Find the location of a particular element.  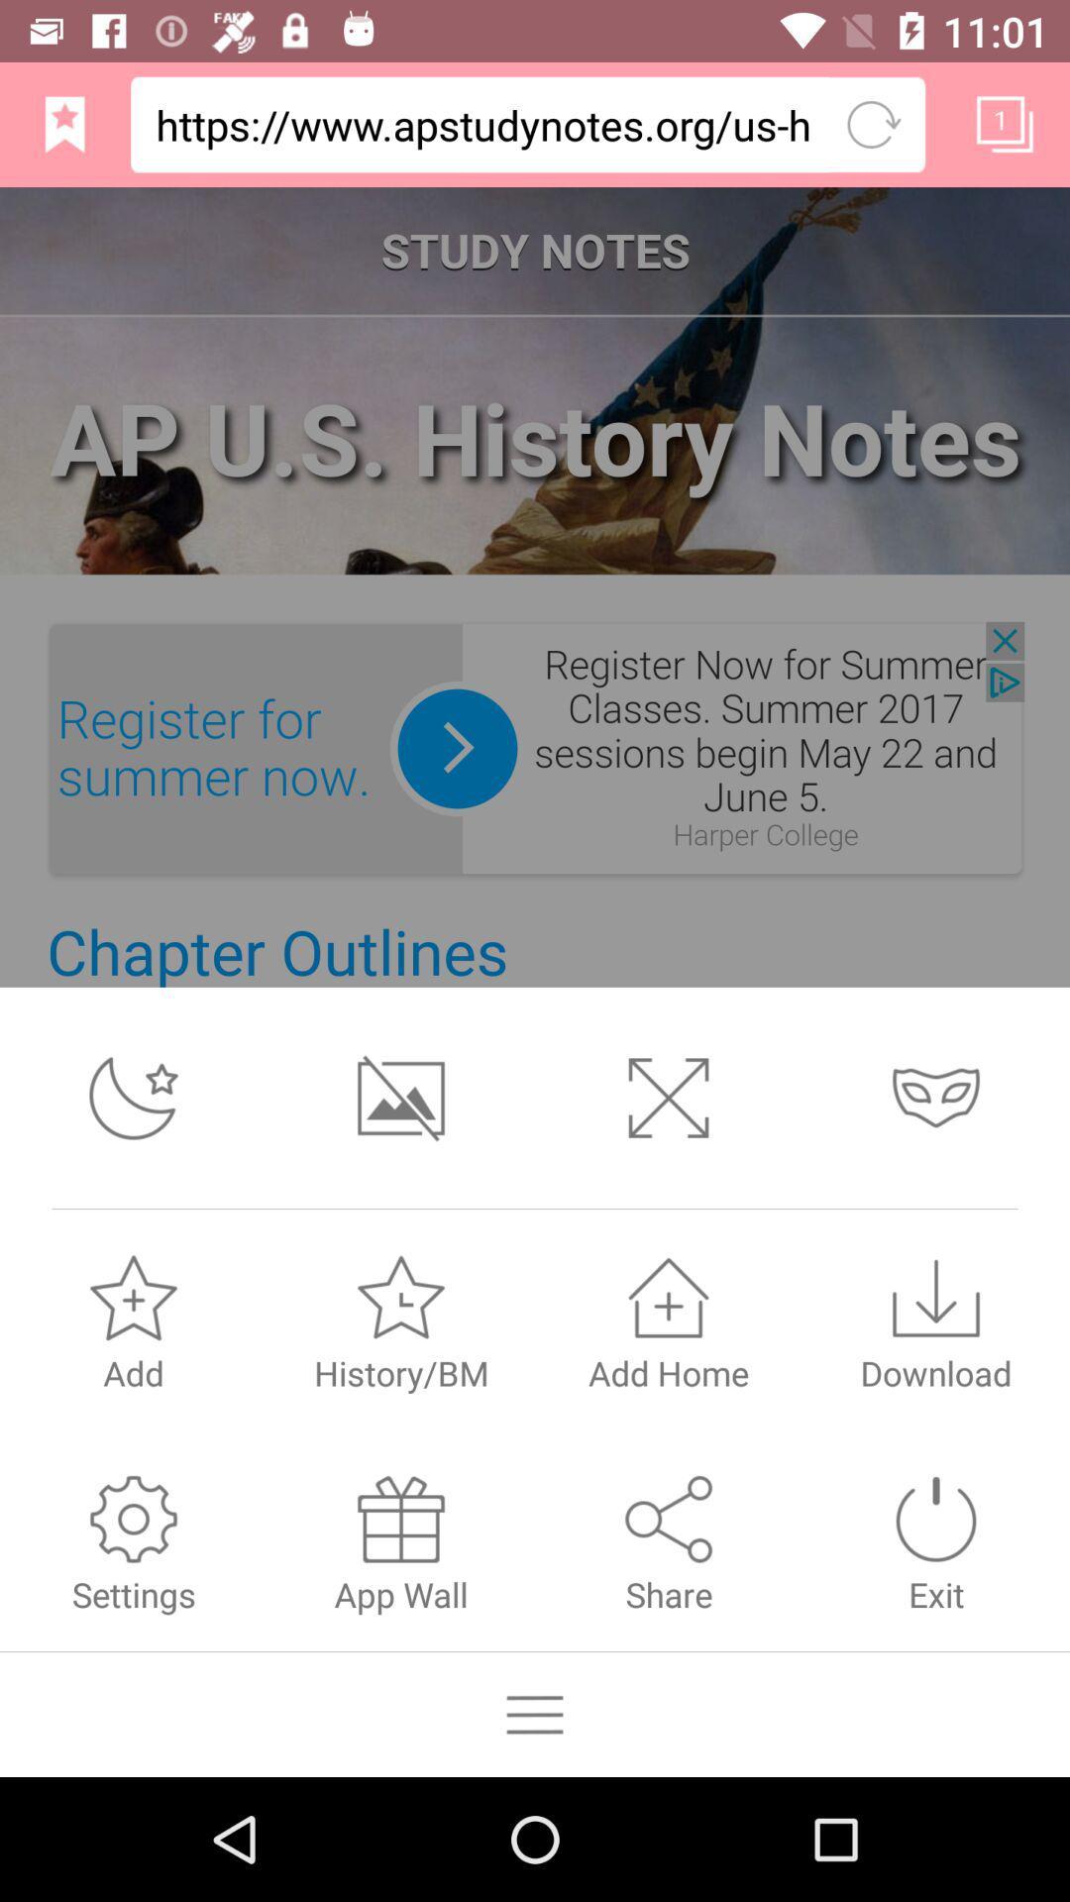

image which is above the text historybm is located at coordinates (401, 1298).